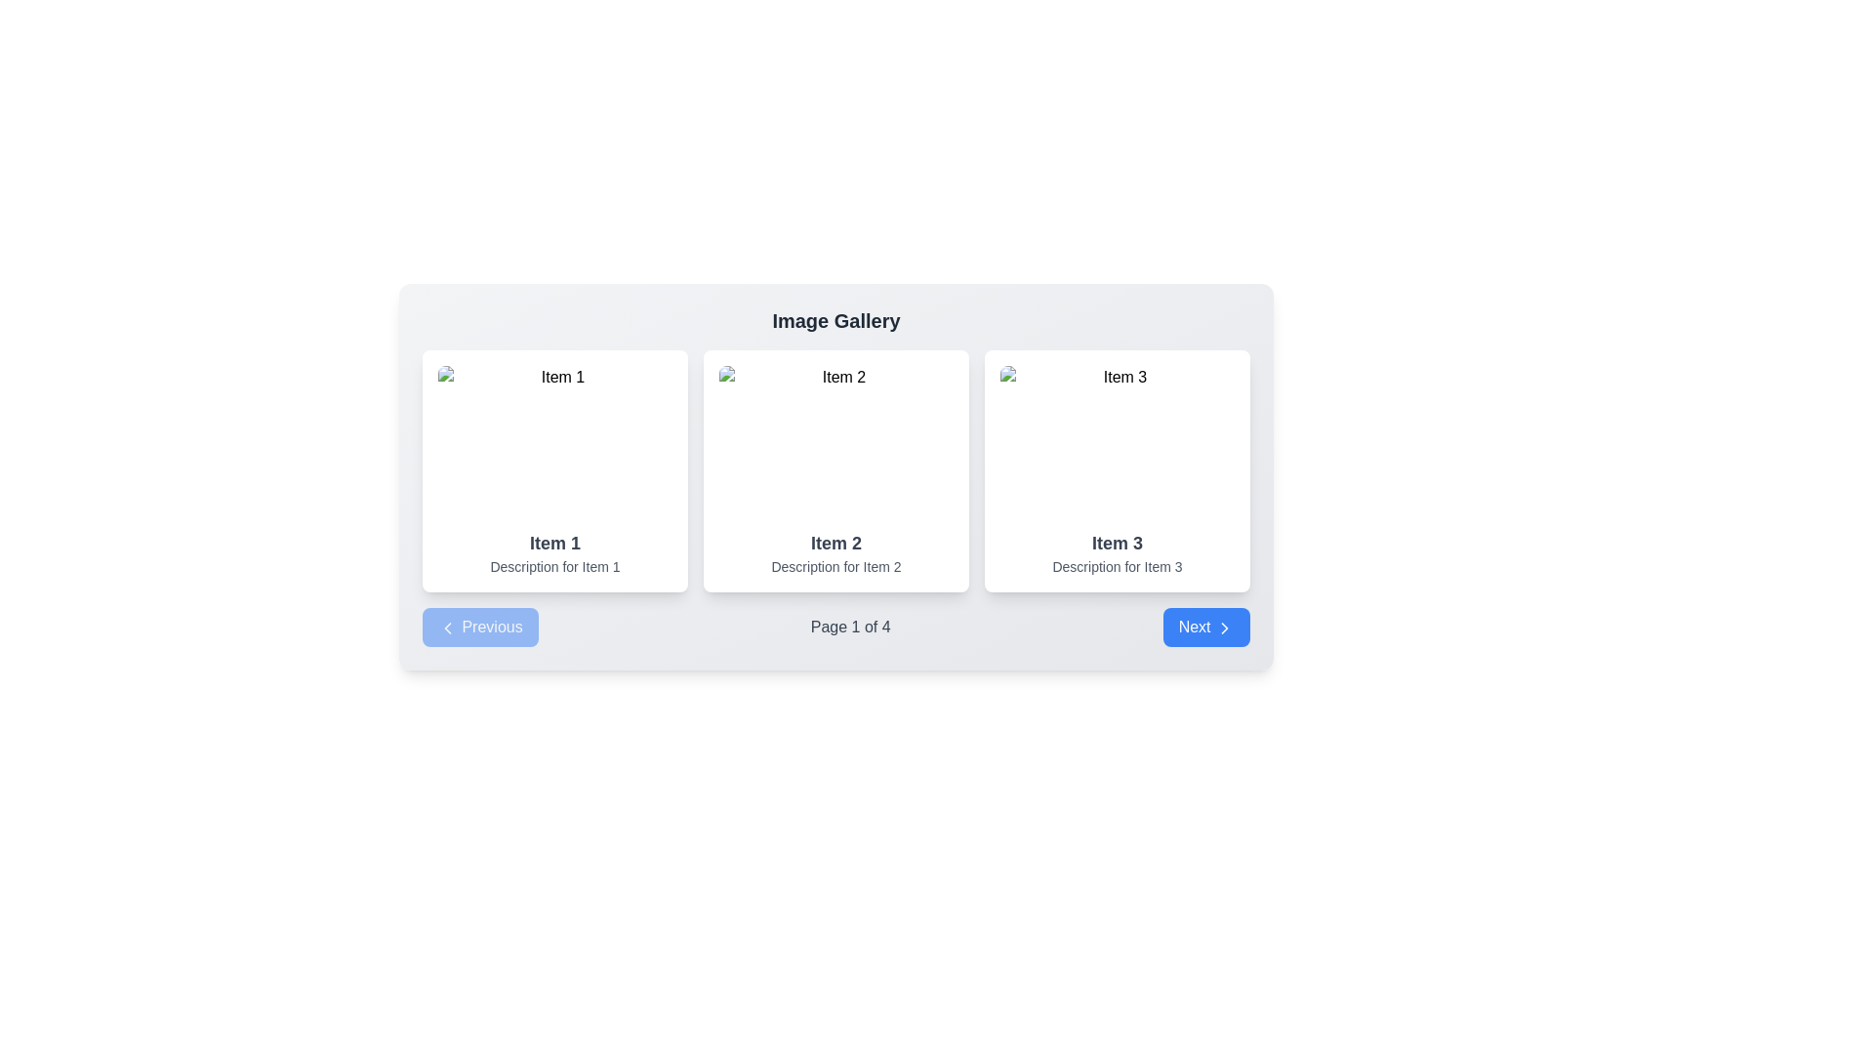 This screenshot has height=1054, width=1874. Describe the element at coordinates (850, 628) in the screenshot. I see `the static text displaying 'Page 1 of 4' within the pagination control bar, positioned between the 'Previous' and 'Next' buttons` at that location.